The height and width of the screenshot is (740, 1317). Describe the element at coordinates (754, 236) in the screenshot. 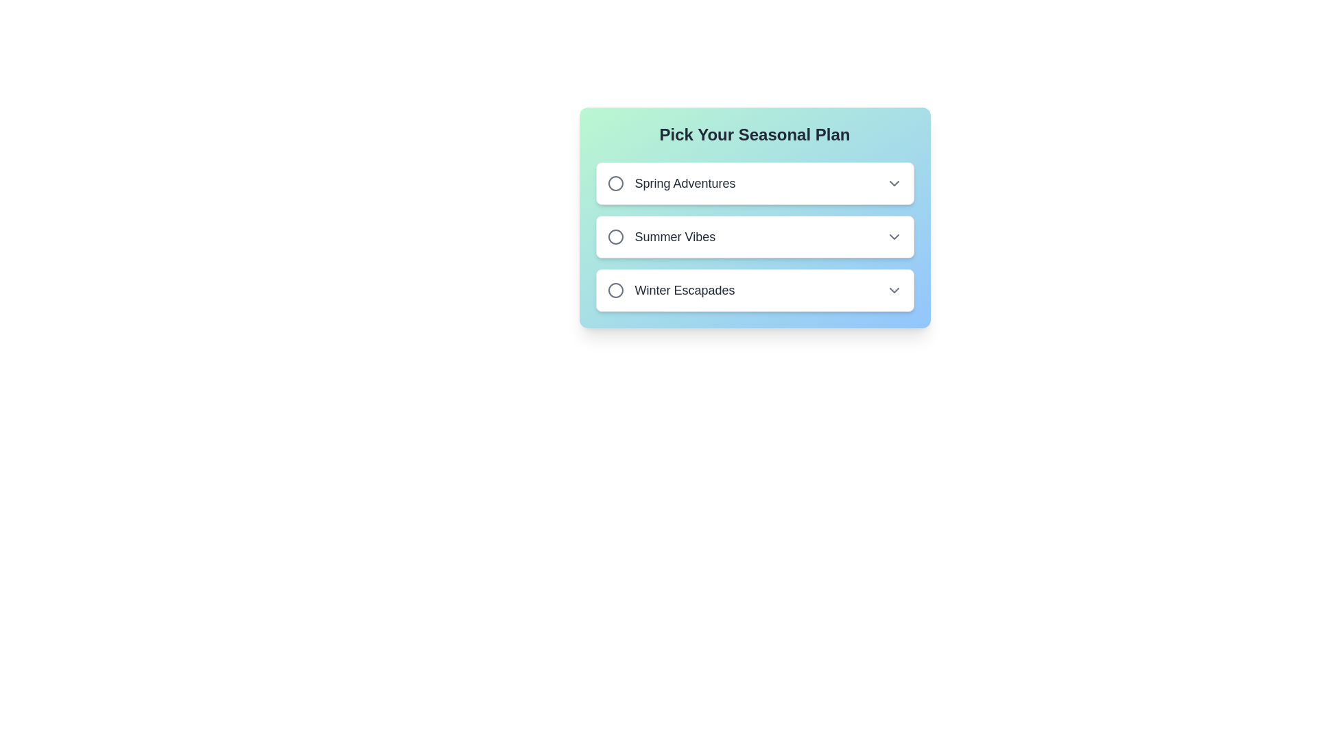

I see `the radio button associated with the 'Summer Vibes' option in the interactive list item` at that location.